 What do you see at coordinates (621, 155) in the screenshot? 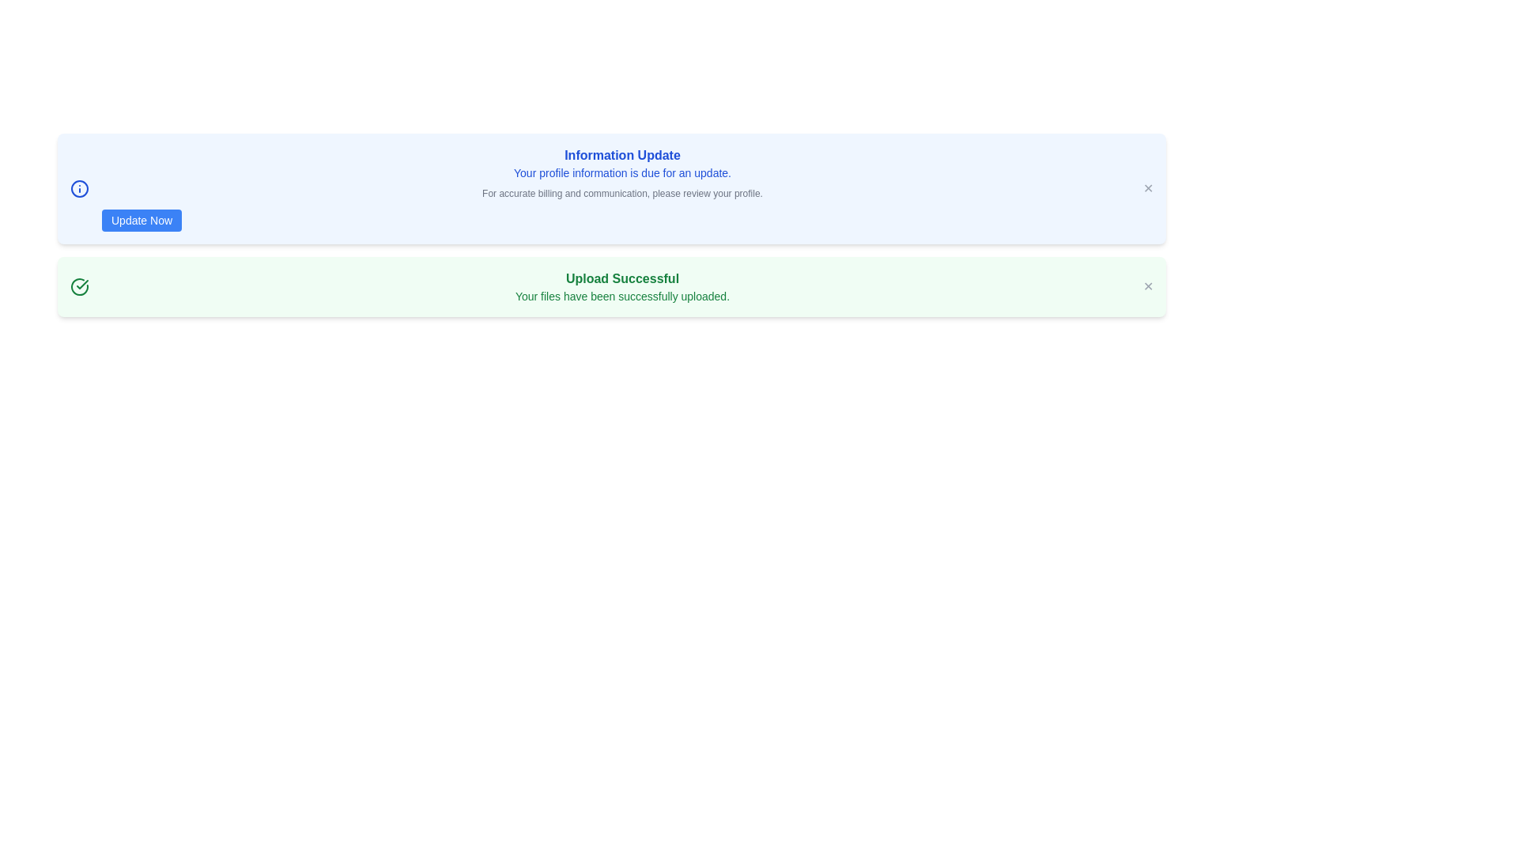
I see `the 'Information Update' text display, which is a bold and blue title positioned at the top of its section` at bounding box center [621, 155].